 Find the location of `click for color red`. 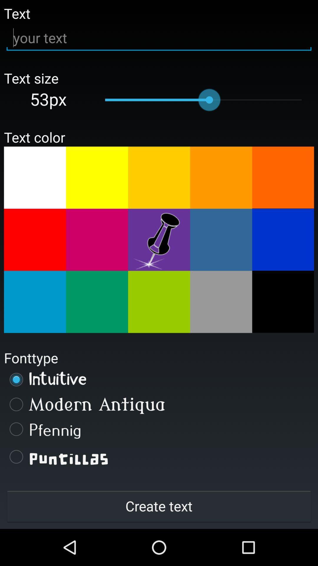

click for color red is located at coordinates (35, 240).